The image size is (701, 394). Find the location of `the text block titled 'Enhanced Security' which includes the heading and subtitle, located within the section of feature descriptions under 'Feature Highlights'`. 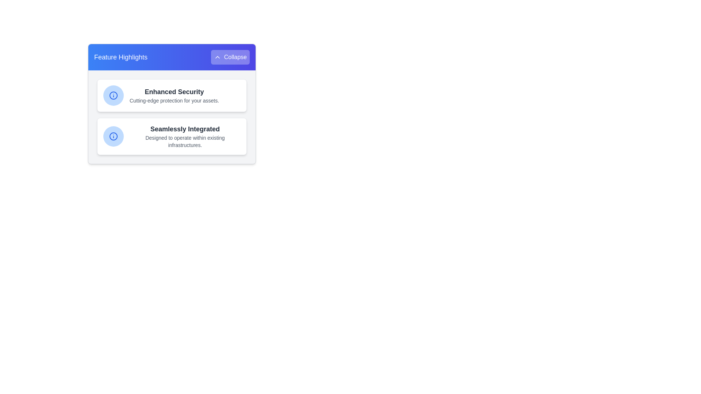

the text block titled 'Enhanced Security' which includes the heading and subtitle, located within the section of feature descriptions under 'Feature Highlights' is located at coordinates (174, 95).